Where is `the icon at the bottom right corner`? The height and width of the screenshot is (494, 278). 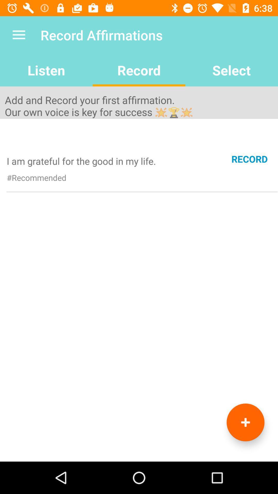 the icon at the bottom right corner is located at coordinates (245, 422).